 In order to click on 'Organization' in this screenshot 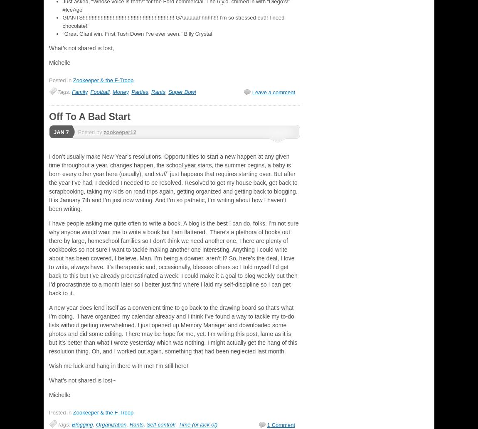, I will do `click(111, 424)`.